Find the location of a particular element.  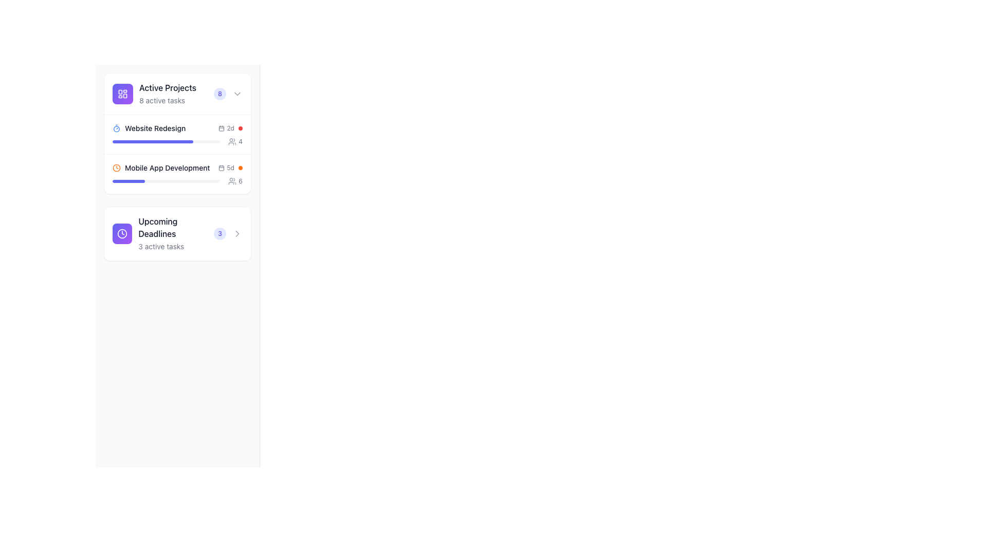

the small text label displaying the value '6' in gray font, located below the heading 'Mobile App Development' and positioned between a user icon and other text labels is located at coordinates (240, 181).